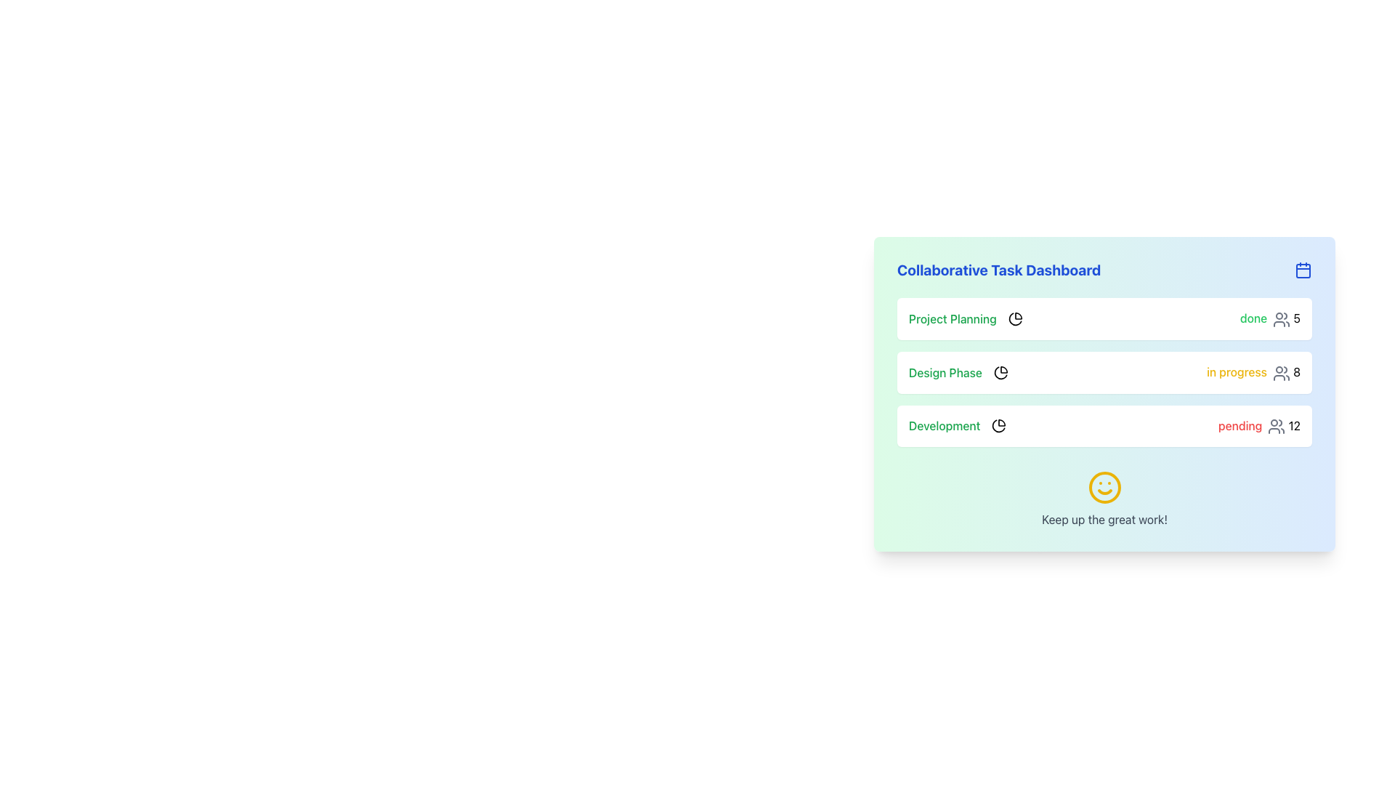  What do you see at coordinates (1000, 371) in the screenshot?
I see `the pie chart icon with a black stroke and rounded edges located next to the text 'Design Phase' in the second row of the Collaborative Task Dashboard` at bounding box center [1000, 371].